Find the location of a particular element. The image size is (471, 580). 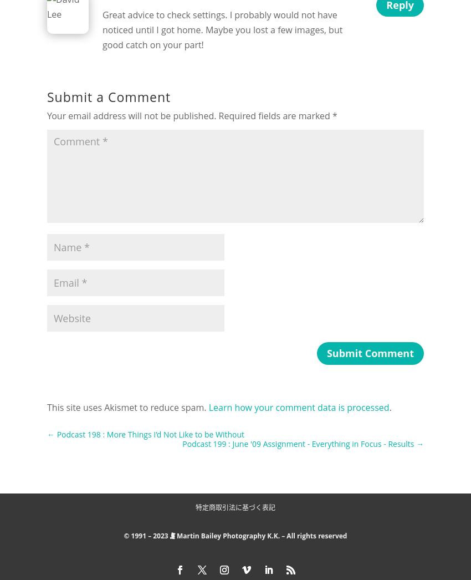

'Learn how your comment data is processed' is located at coordinates (298, 407).